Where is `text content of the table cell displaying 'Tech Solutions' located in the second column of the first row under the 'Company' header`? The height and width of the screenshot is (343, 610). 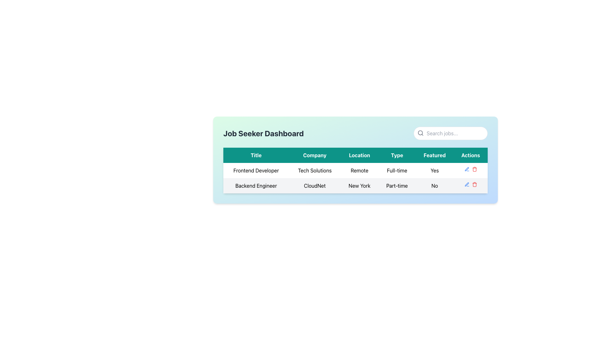 text content of the table cell displaying 'Tech Solutions' located in the second column of the first row under the 'Company' header is located at coordinates (315, 170).